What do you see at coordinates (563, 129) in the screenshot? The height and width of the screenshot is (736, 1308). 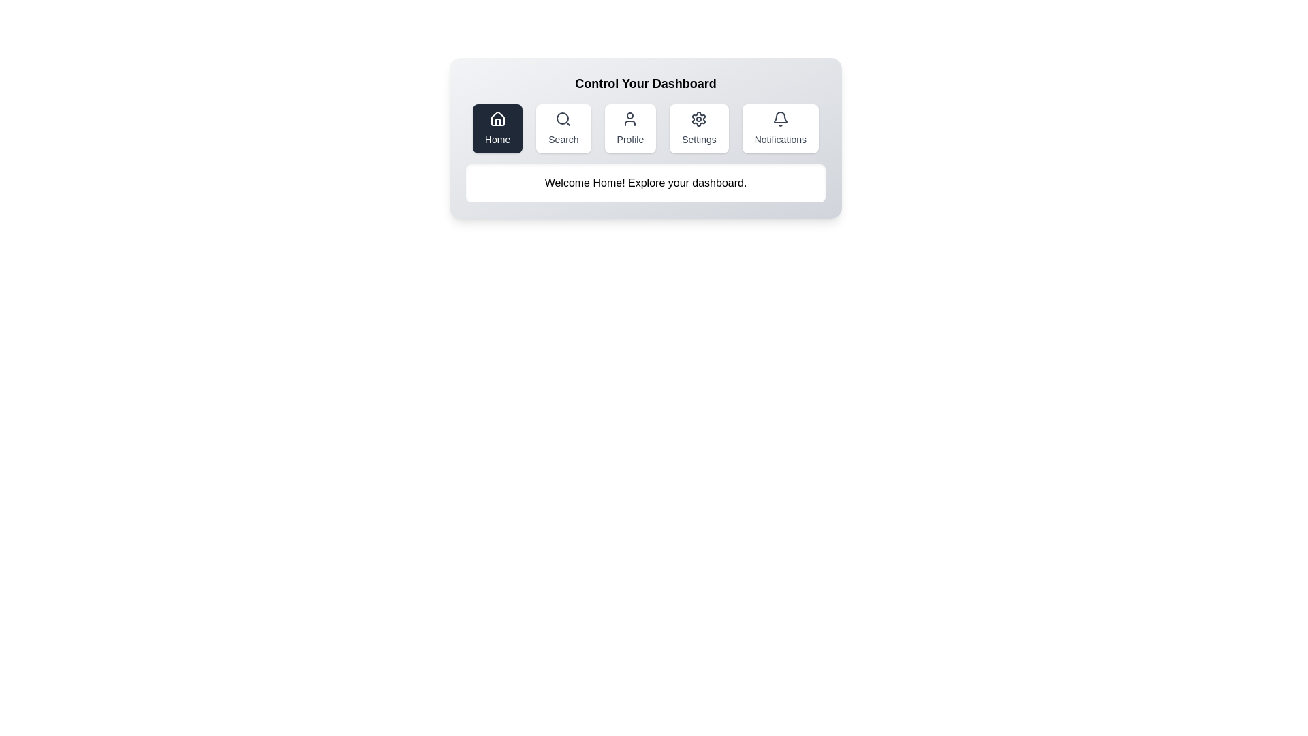 I see `the second button from the left in a horizontal row of five buttons, located in the center area of a dashboard-style interface` at bounding box center [563, 129].